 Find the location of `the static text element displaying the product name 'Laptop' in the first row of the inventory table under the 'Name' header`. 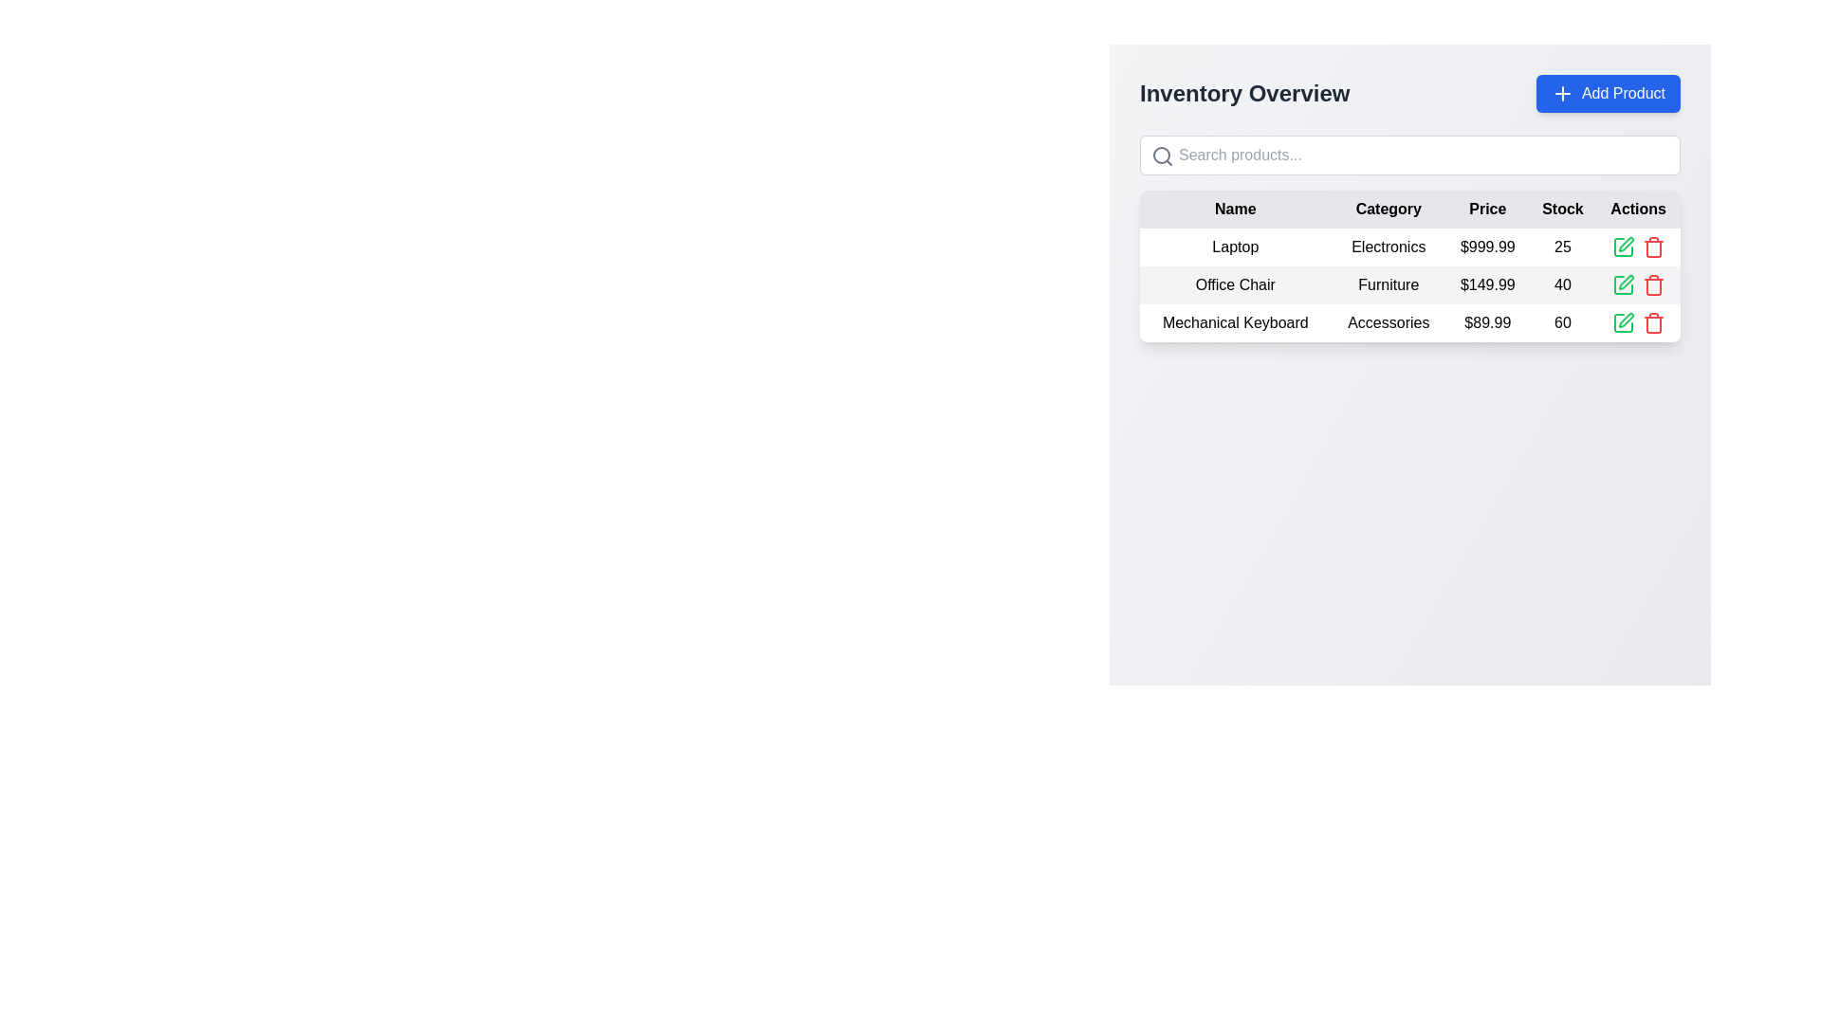

the static text element displaying the product name 'Laptop' in the first row of the inventory table under the 'Name' header is located at coordinates (1235, 247).